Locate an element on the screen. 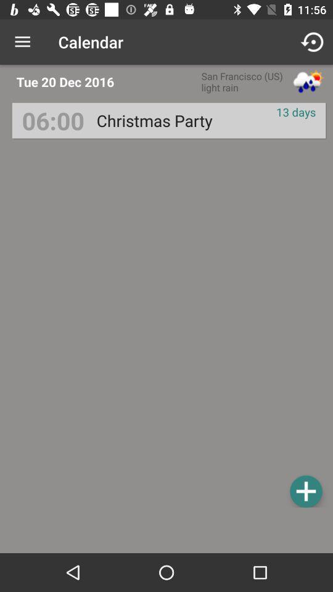 The image size is (333, 592). the item at the bottom right corner is located at coordinates (305, 491).